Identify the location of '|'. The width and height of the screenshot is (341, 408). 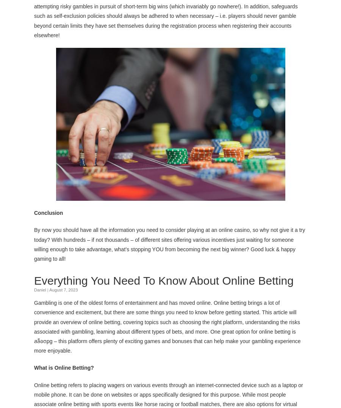
(47, 290).